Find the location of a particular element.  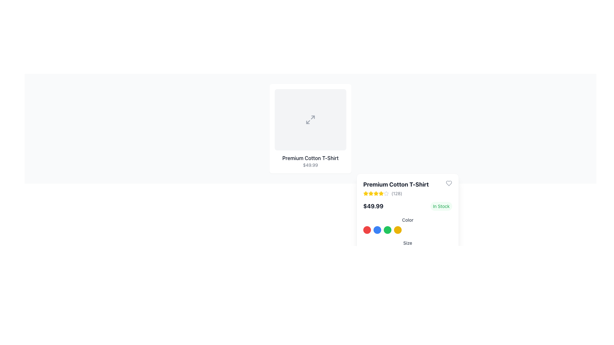

the fifth star icon in the rating component is located at coordinates (386, 193).